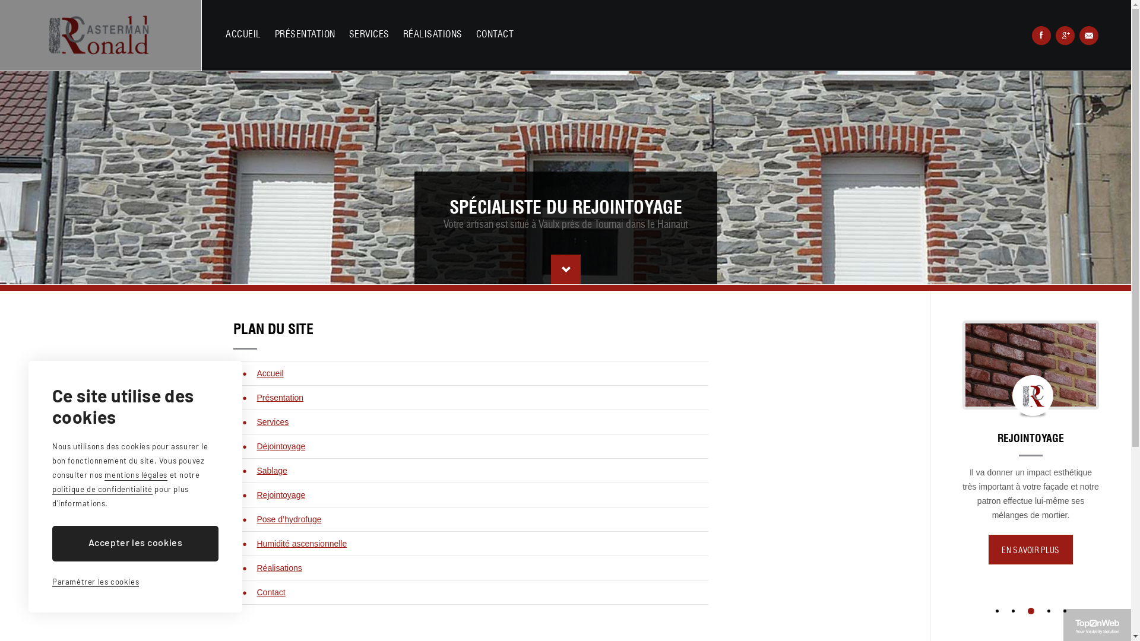 The width and height of the screenshot is (1140, 641). What do you see at coordinates (996, 610) in the screenshot?
I see `'1'` at bounding box center [996, 610].